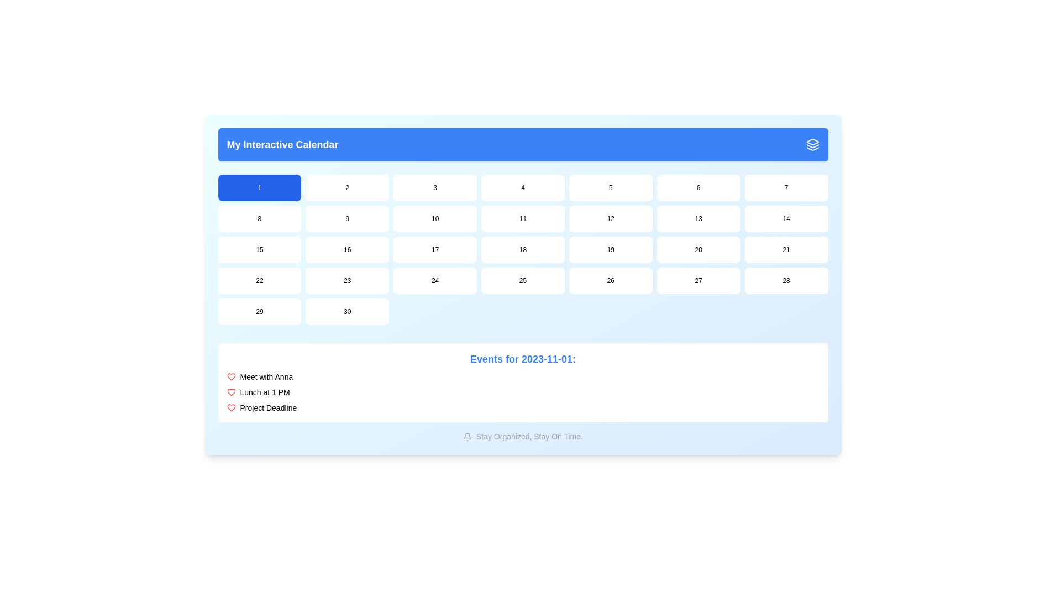 This screenshot has width=1061, height=597. What do you see at coordinates (434, 249) in the screenshot?
I see `the selectable calendar day button located in the third row and third column of the grid` at bounding box center [434, 249].